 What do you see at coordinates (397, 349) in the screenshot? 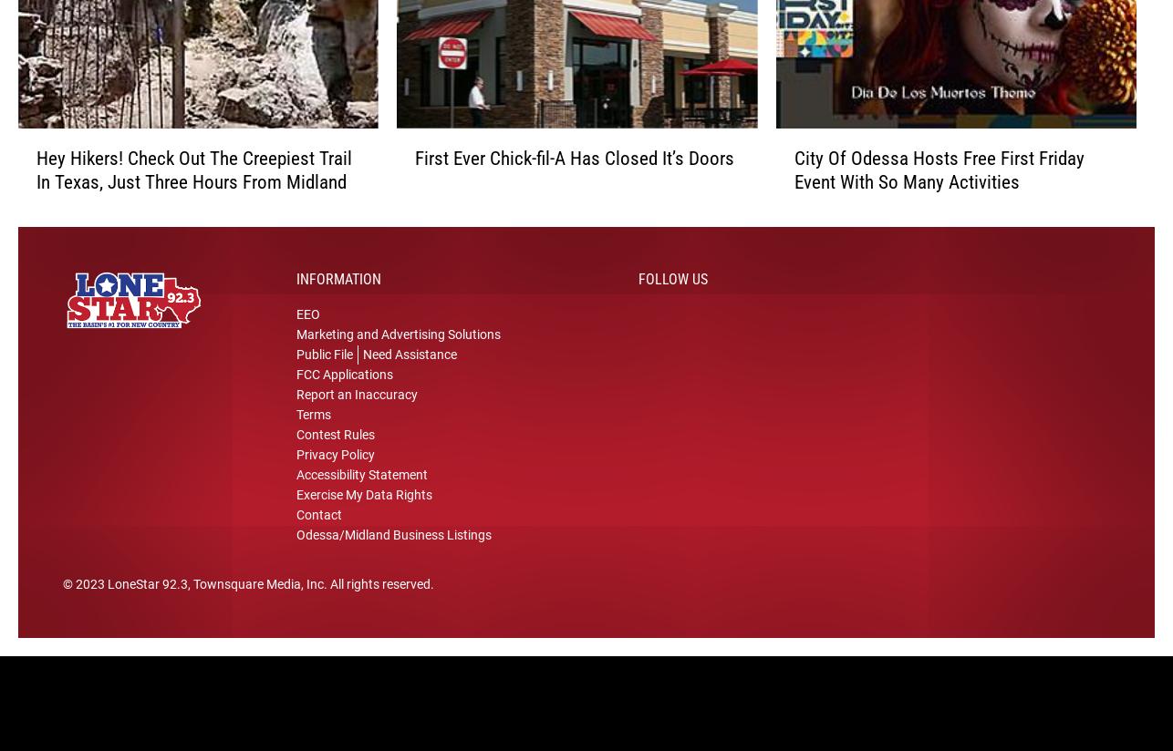
I see `'Marketing and Advertising Solutions'` at bounding box center [397, 349].